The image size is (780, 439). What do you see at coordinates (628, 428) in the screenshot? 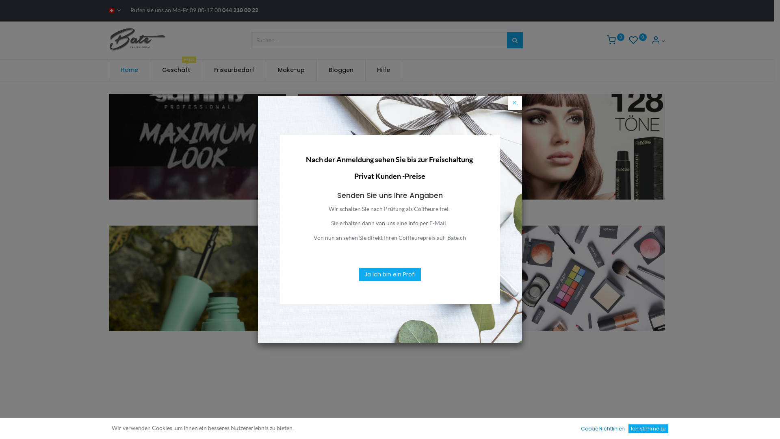
I see `'Ich stimme zu'` at bounding box center [628, 428].